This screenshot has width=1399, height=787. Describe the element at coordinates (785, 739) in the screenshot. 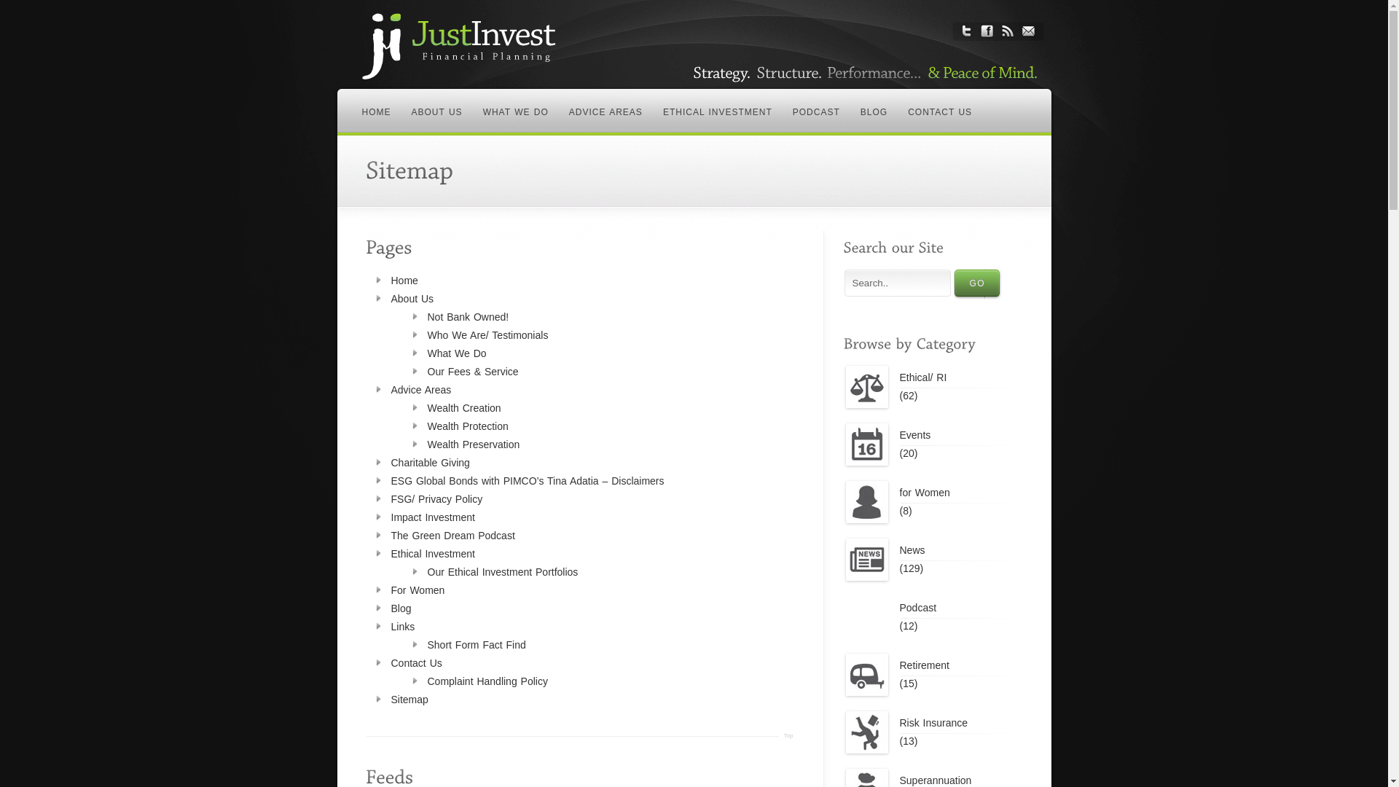

I see `'Top'` at that location.